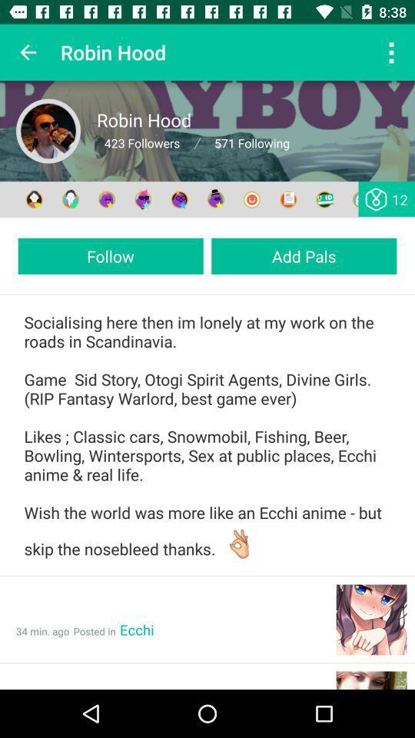 The width and height of the screenshot is (415, 738). What do you see at coordinates (178, 198) in the screenshot?
I see `connect with other users` at bounding box center [178, 198].